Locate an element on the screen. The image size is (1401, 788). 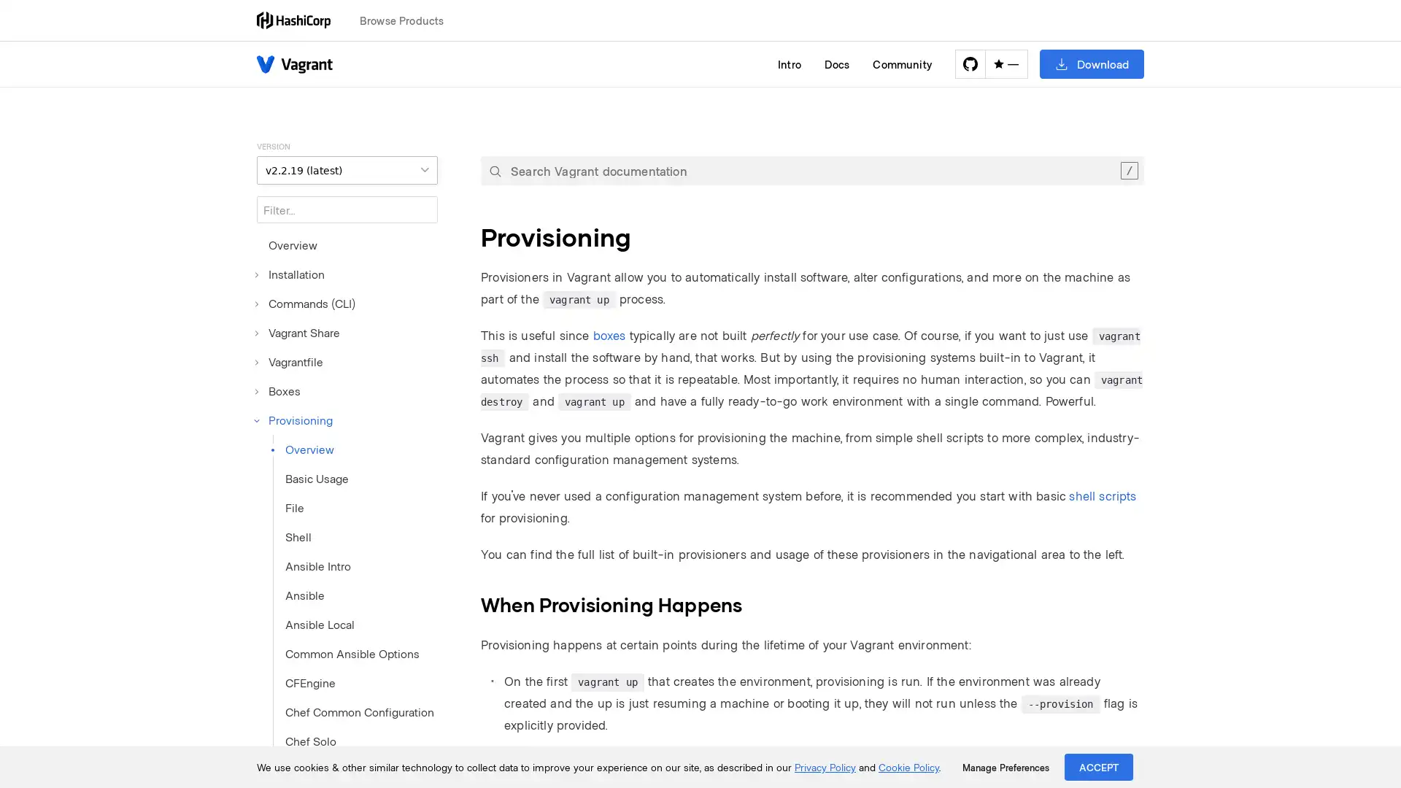
Provisioning is located at coordinates (293, 420).